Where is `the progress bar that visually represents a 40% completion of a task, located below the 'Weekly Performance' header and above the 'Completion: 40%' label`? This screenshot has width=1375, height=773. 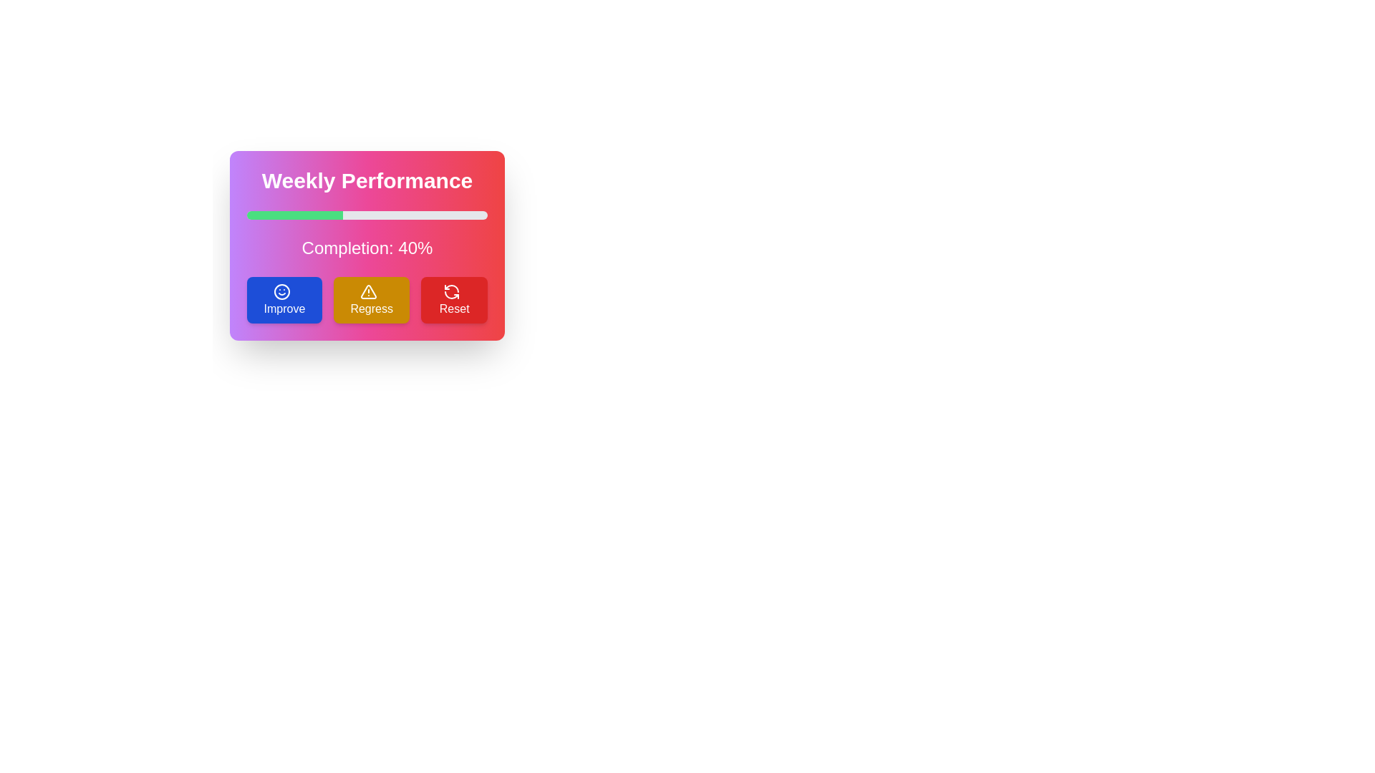 the progress bar that visually represents a 40% completion of a task, located below the 'Weekly Performance' header and above the 'Completion: 40%' label is located at coordinates (294, 215).